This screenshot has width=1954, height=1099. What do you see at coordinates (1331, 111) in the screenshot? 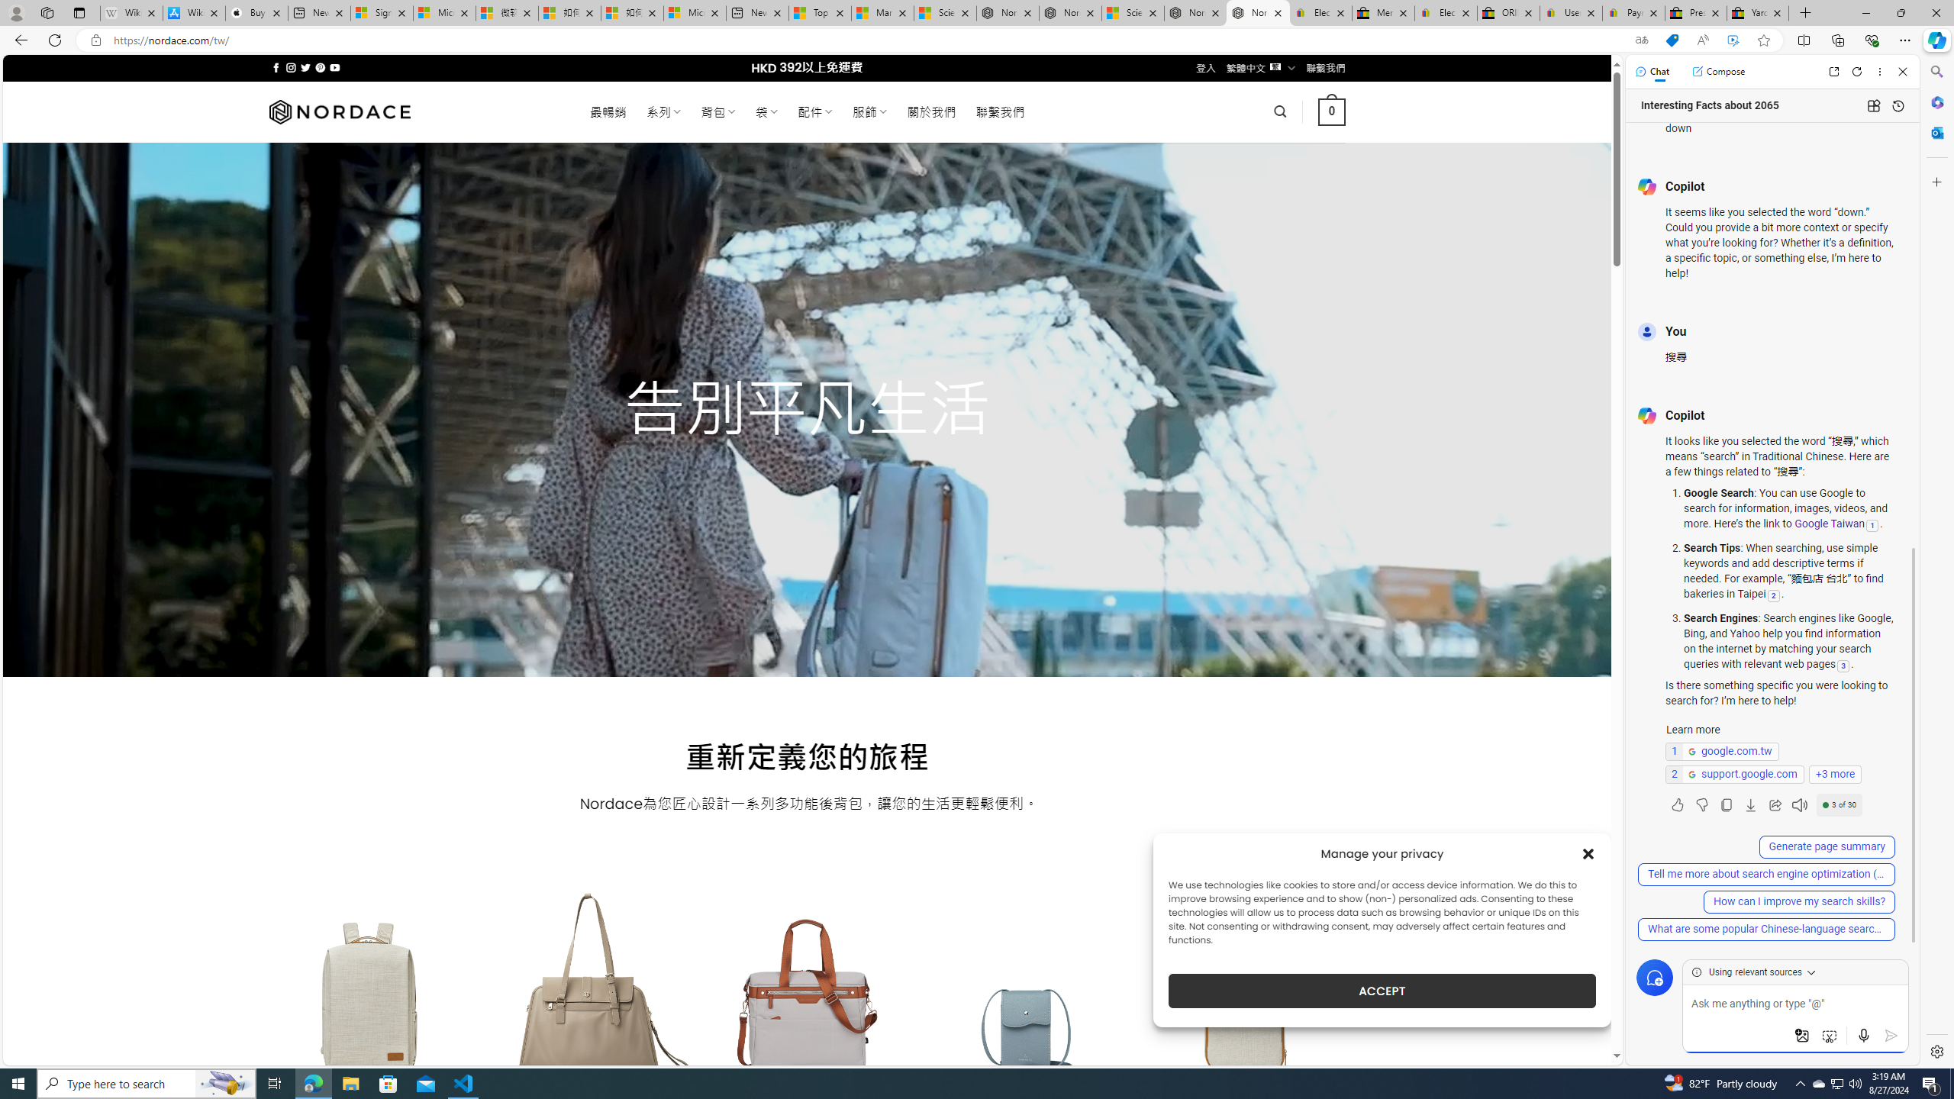
I see `' 0 '` at bounding box center [1331, 111].